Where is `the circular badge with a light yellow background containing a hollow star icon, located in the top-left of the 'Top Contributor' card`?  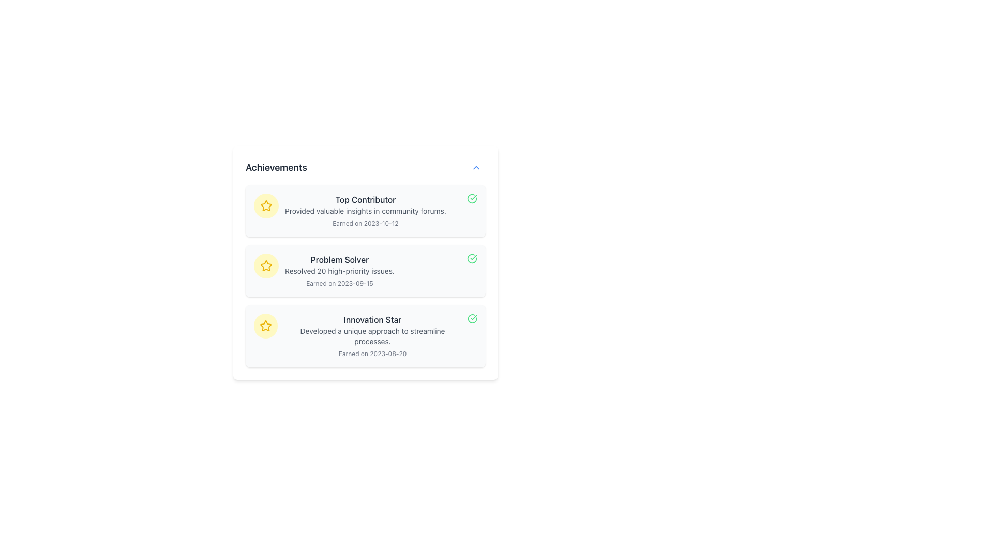
the circular badge with a light yellow background containing a hollow star icon, located in the top-left of the 'Top Contributor' card is located at coordinates (266, 205).